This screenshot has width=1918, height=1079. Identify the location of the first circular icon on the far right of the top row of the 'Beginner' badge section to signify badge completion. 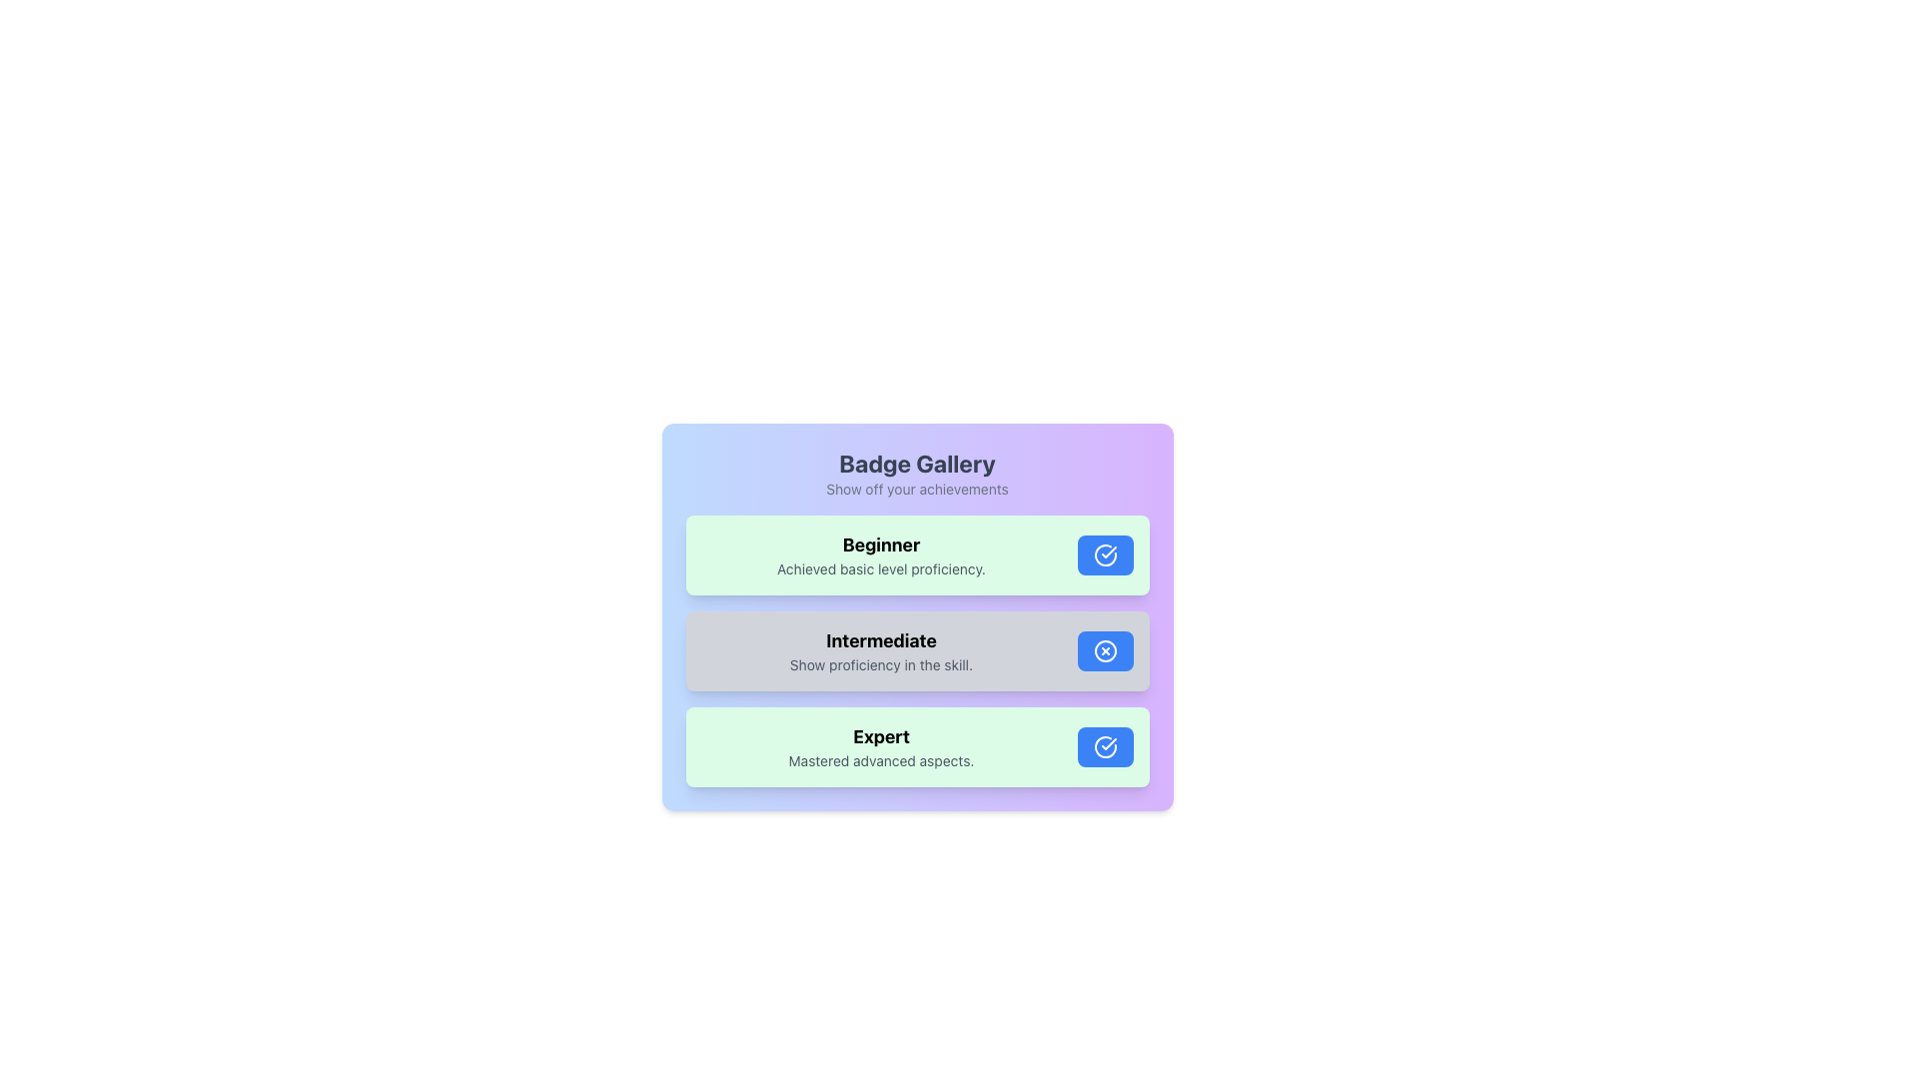
(1104, 554).